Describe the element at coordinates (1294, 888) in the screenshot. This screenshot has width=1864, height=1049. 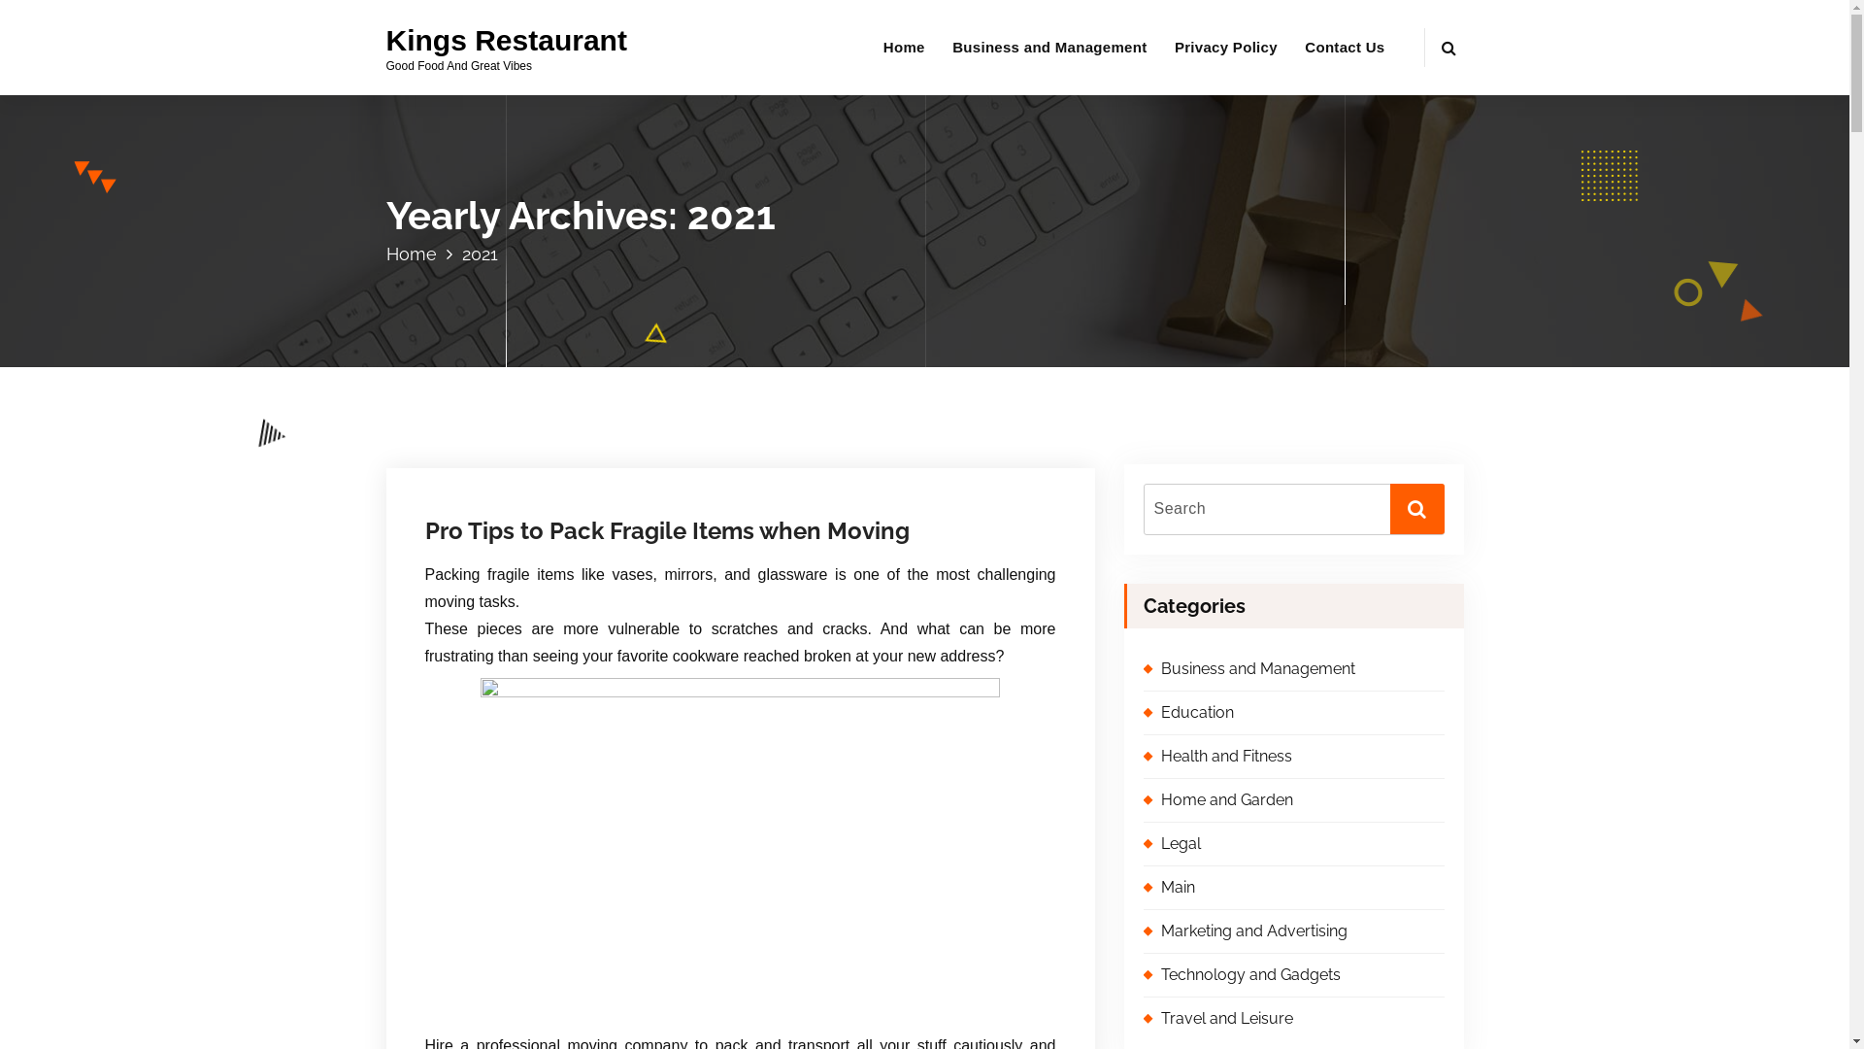
I see `'Main'` at that location.